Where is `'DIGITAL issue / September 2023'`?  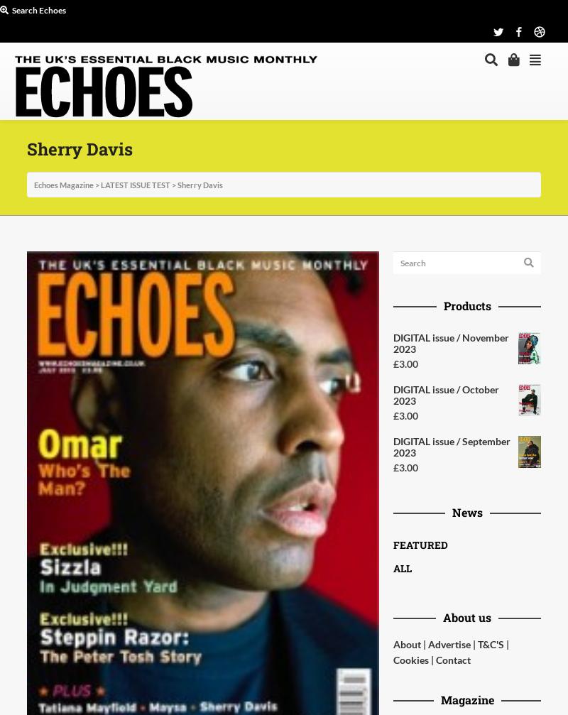
'DIGITAL issue / September 2023' is located at coordinates (393, 446).